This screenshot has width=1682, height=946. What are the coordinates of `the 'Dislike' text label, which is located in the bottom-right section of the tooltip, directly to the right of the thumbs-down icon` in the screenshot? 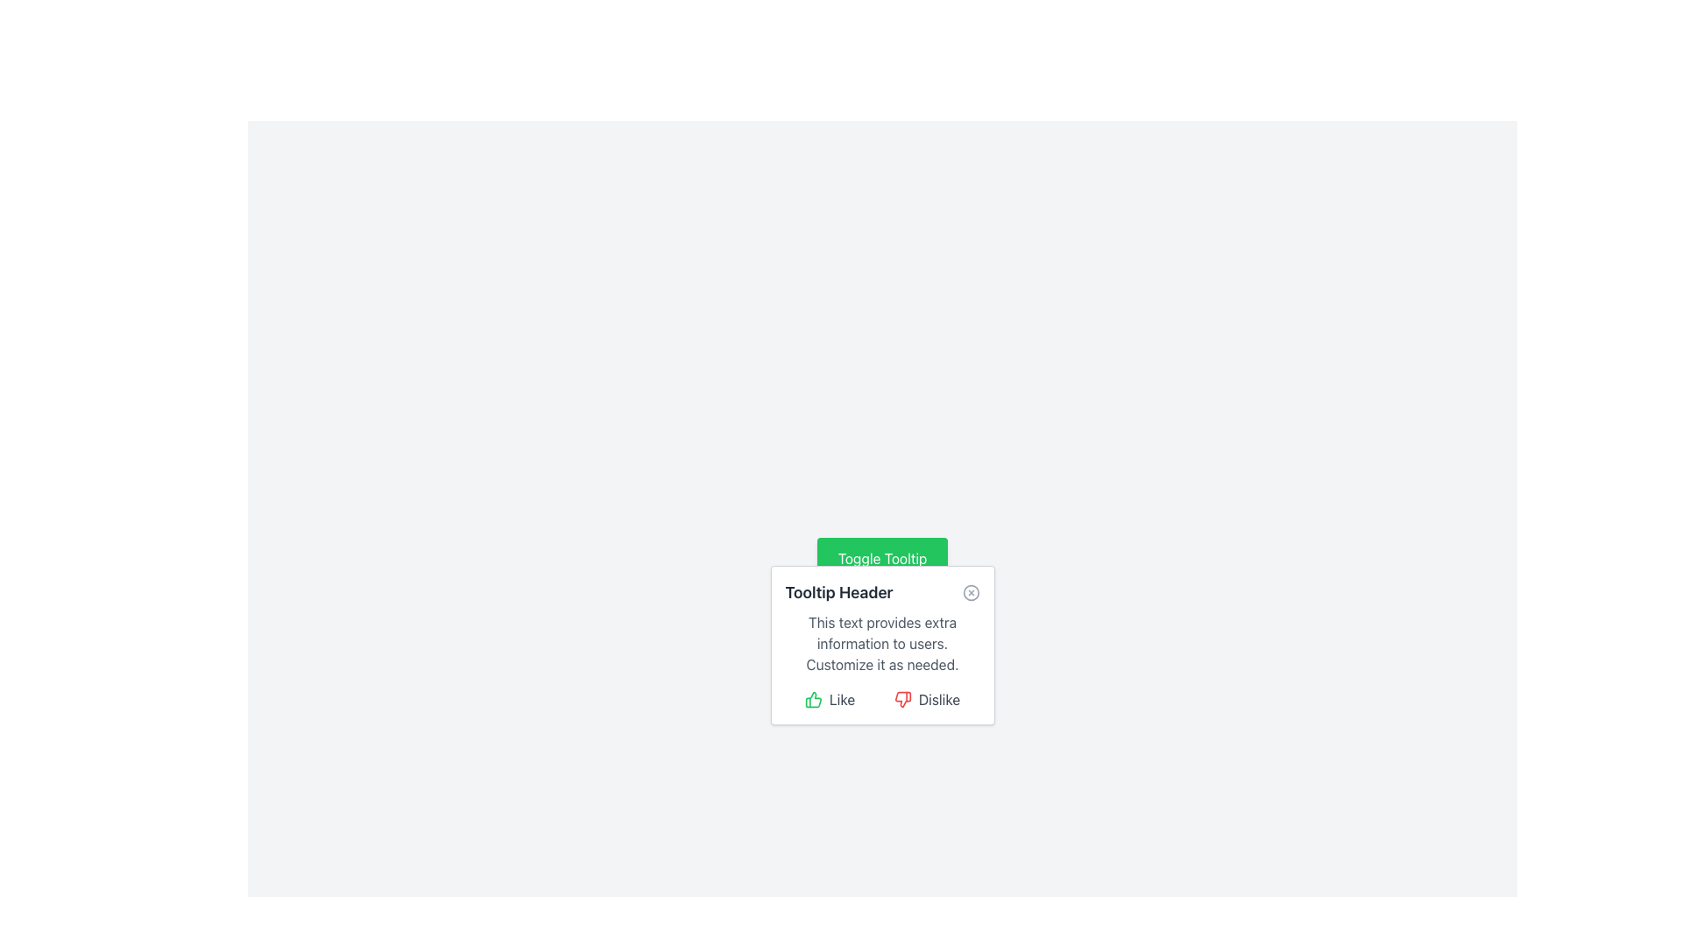 It's located at (938, 698).